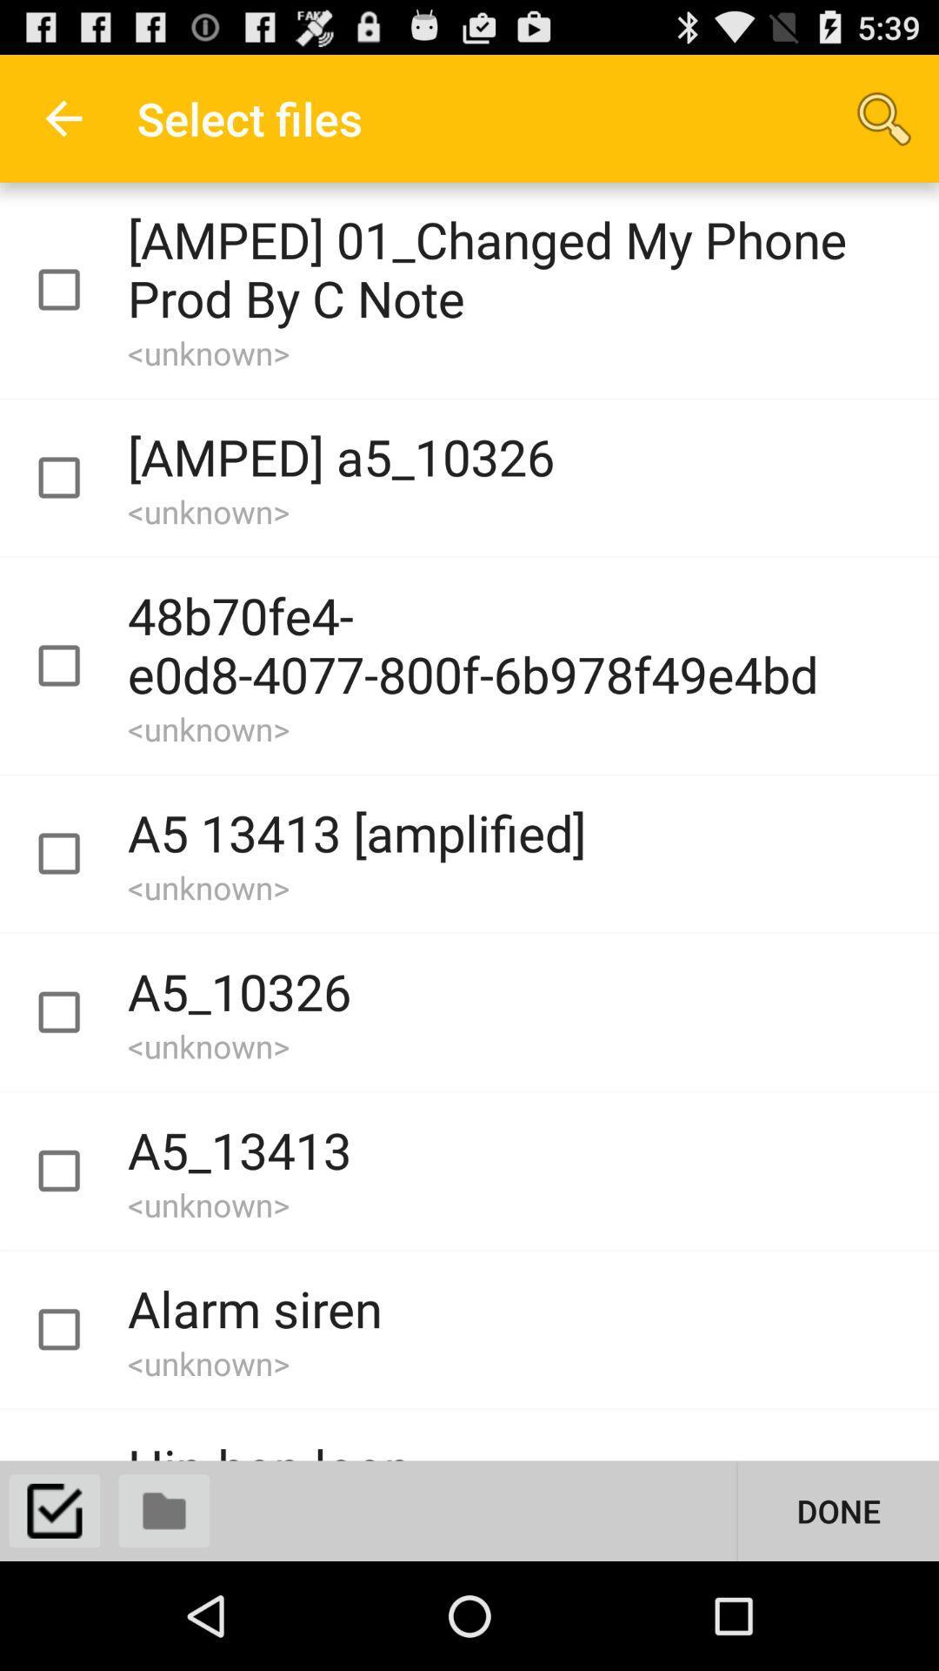 This screenshot has width=939, height=1671. What do you see at coordinates (837, 1510) in the screenshot?
I see `the button at the bottom right corner` at bounding box center [837, 1510].